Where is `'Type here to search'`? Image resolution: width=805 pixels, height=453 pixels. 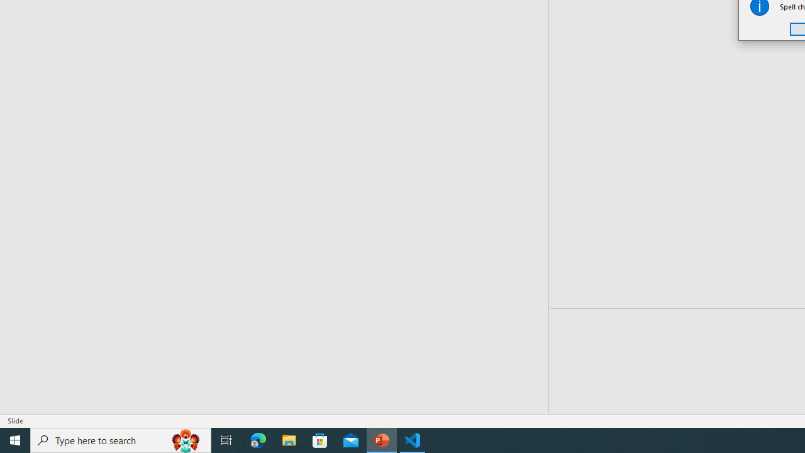 'Type here to search' is located at coordinates (121, 439).